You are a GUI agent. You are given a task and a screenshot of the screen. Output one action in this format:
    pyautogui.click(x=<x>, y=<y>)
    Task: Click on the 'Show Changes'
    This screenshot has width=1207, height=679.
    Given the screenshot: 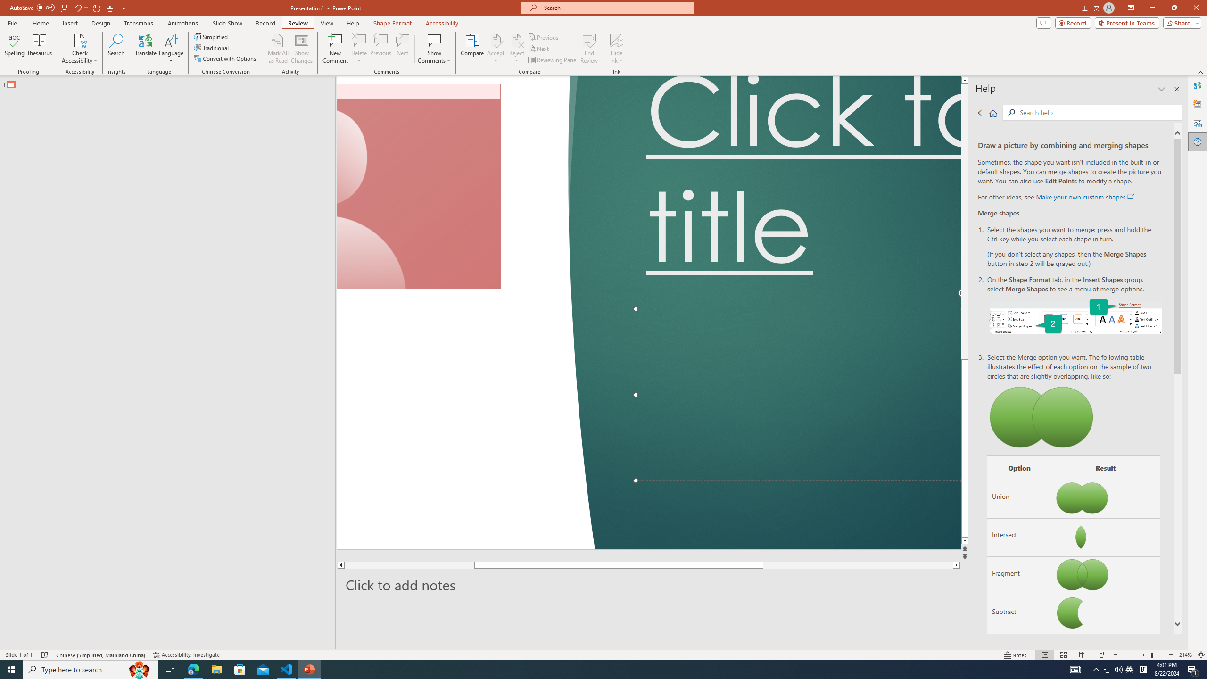 What is the action you would take?
    pyautogui.click(x=302, y=49)
    